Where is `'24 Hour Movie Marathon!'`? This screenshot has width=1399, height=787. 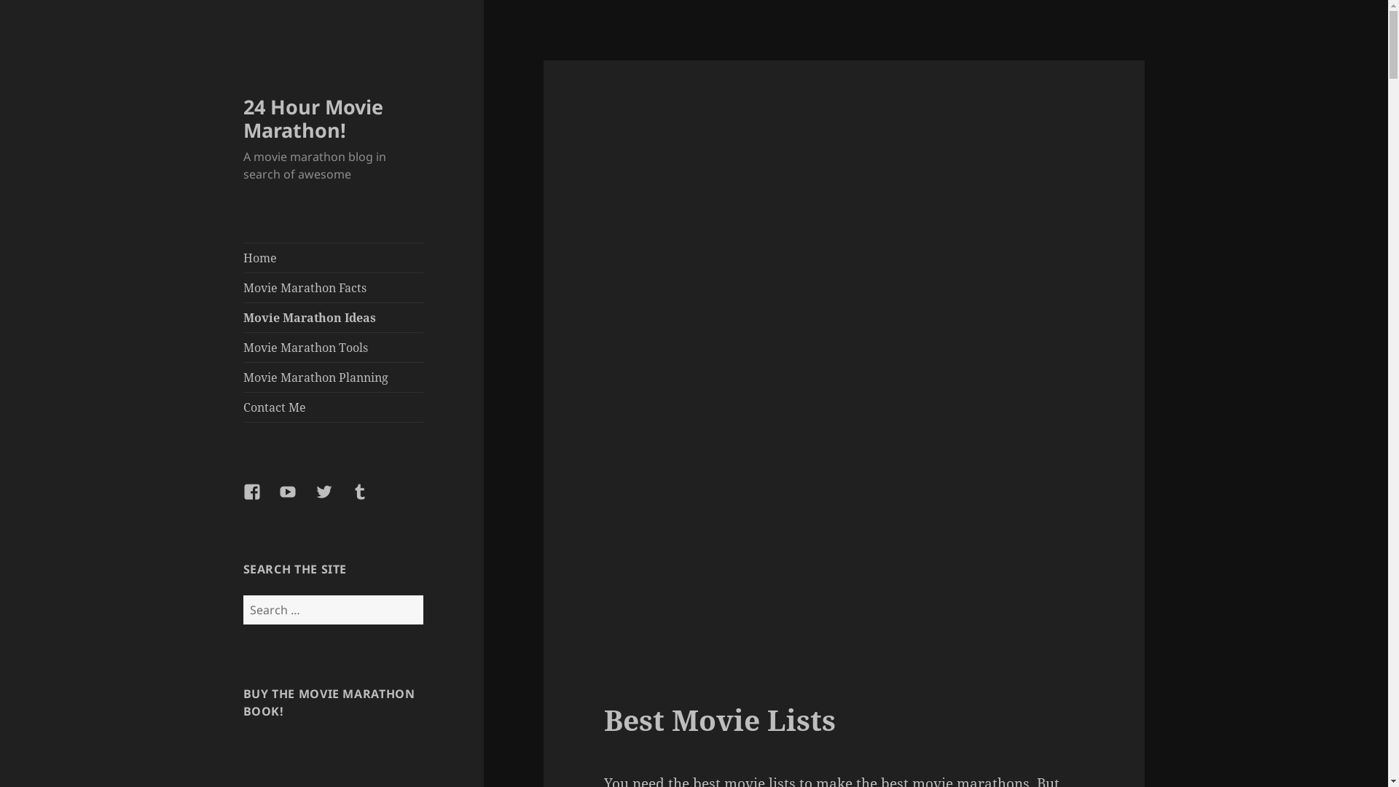
'24 Hour Movie Marathon!' is located at coordinates (313, 117).